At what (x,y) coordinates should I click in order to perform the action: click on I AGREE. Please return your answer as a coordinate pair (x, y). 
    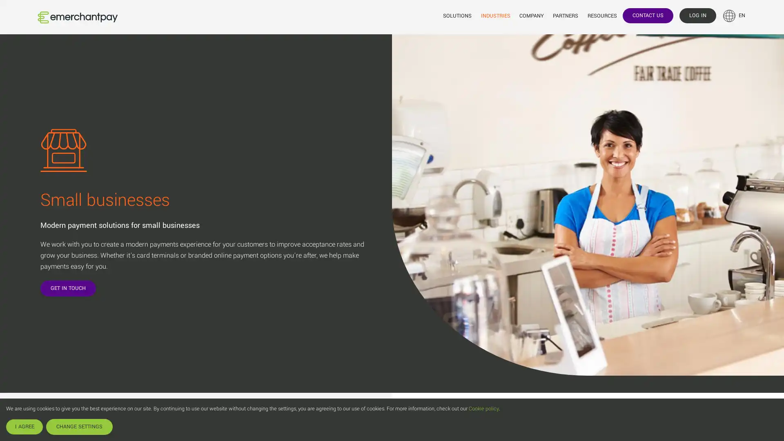
    Looking at the image, I should click on (24, 426).